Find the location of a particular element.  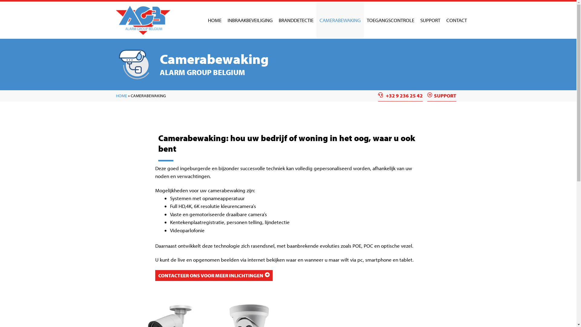

'HOME' is located at coordinates (214, 20).